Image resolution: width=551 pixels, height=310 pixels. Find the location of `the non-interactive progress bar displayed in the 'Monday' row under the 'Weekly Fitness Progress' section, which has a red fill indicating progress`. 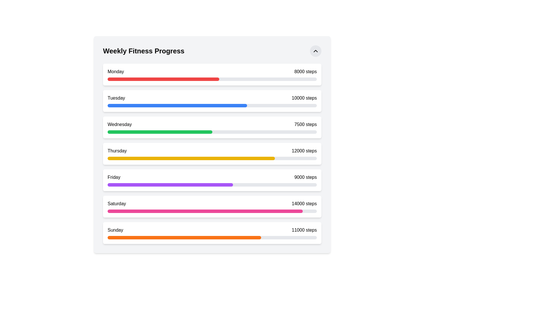

the non-interactive progress bar displayed in the 'Monday' row under the 'Weekly Fitness Progress' section, which has a red fill indicating progress is located at coordinates (163, 79).